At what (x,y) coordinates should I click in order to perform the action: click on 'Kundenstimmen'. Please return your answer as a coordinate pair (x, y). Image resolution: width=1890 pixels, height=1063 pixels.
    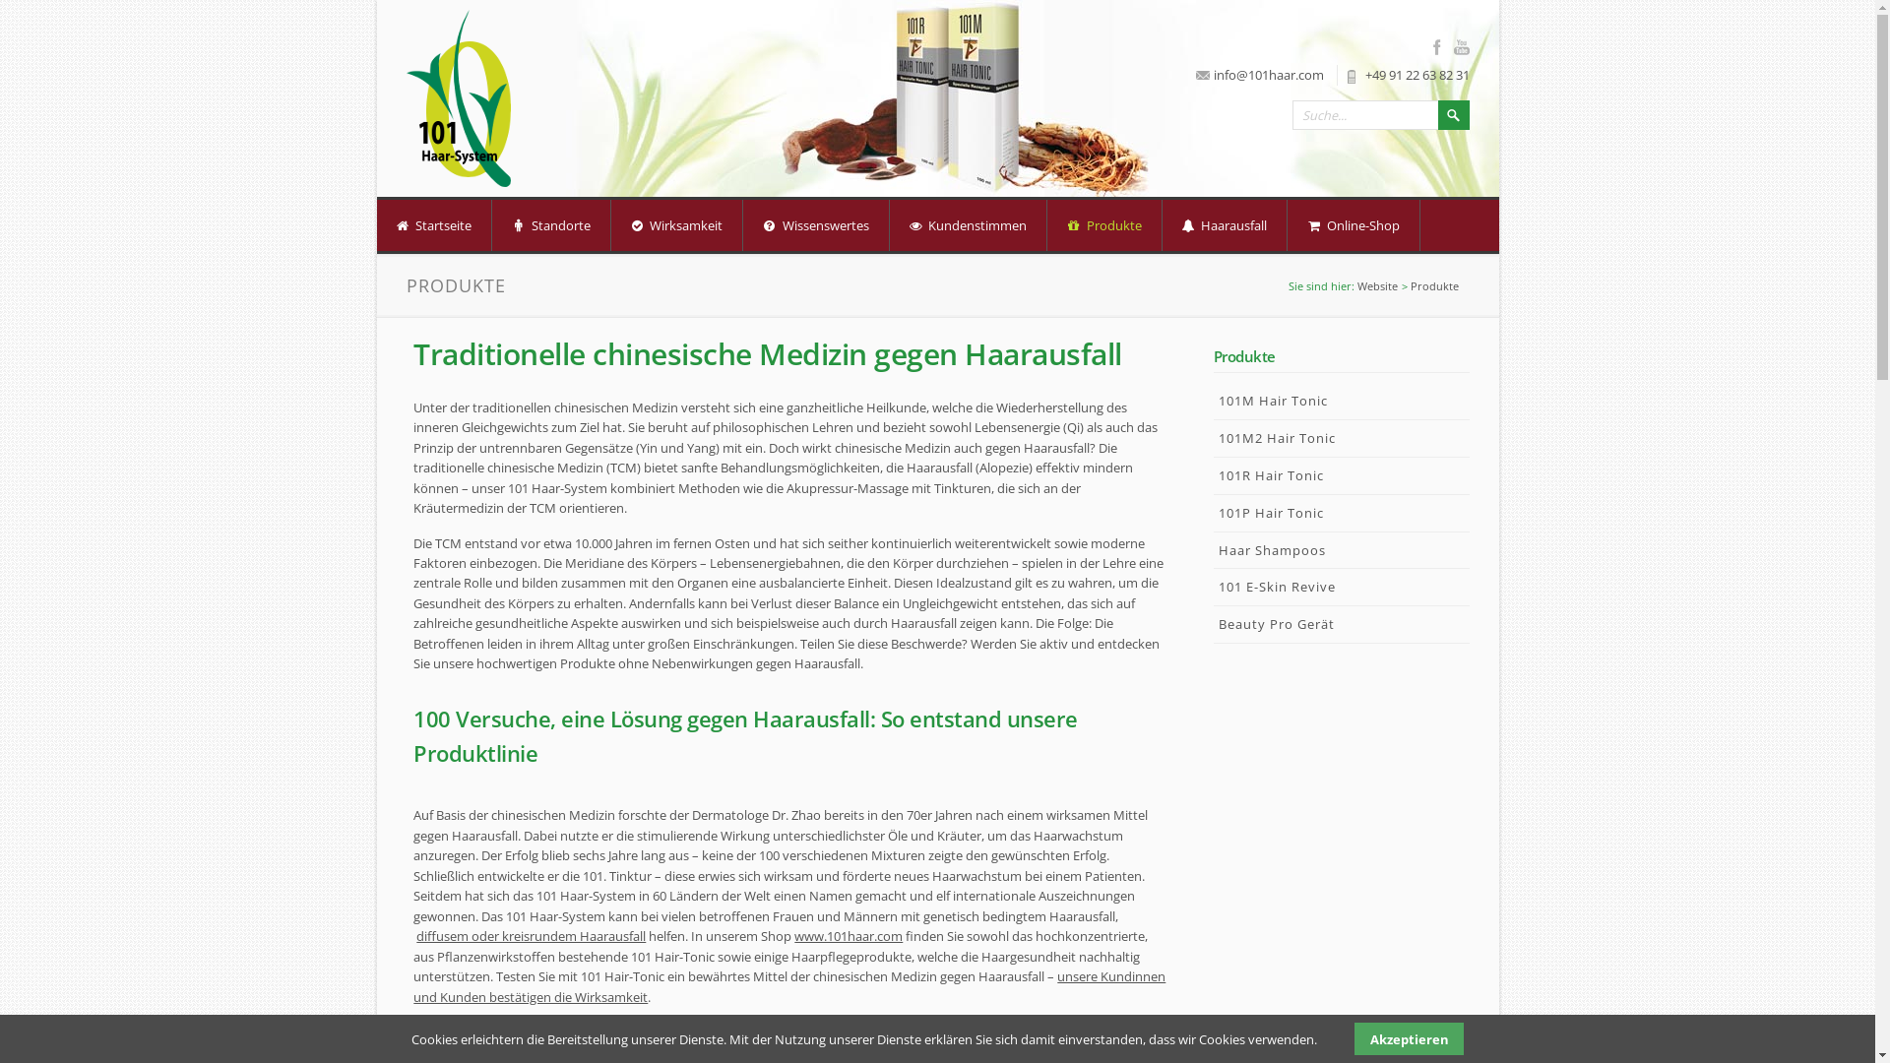
    Looking at the image, I should click on (968, 223).